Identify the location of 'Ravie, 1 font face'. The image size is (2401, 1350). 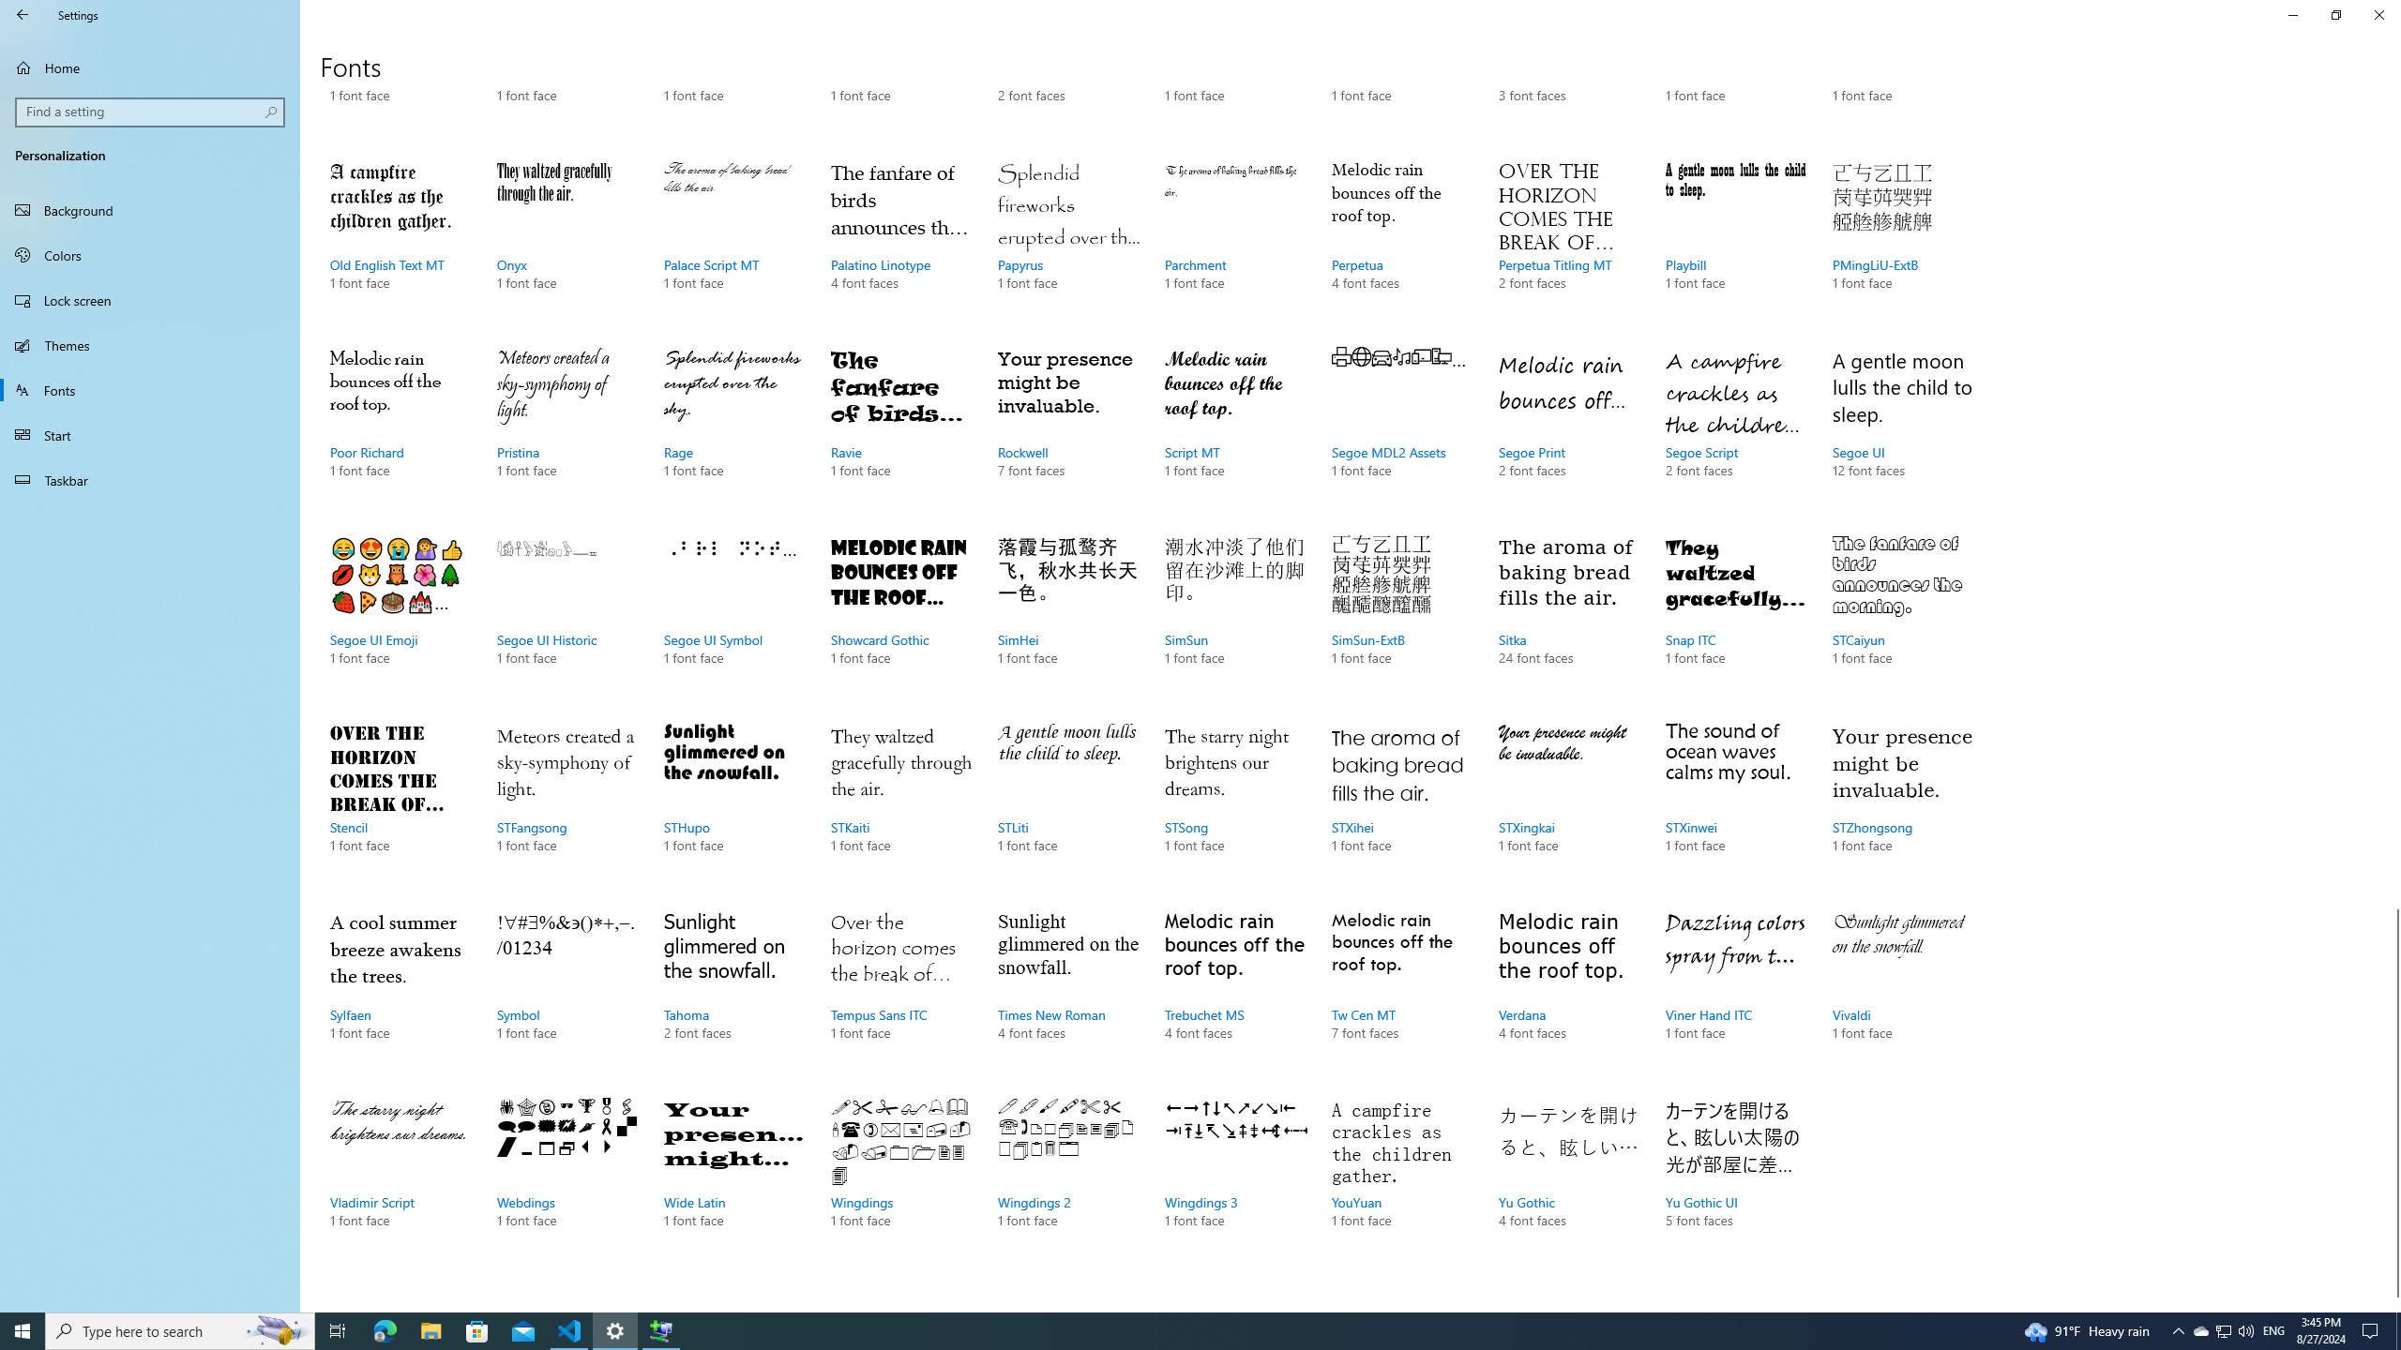
(899, 431).